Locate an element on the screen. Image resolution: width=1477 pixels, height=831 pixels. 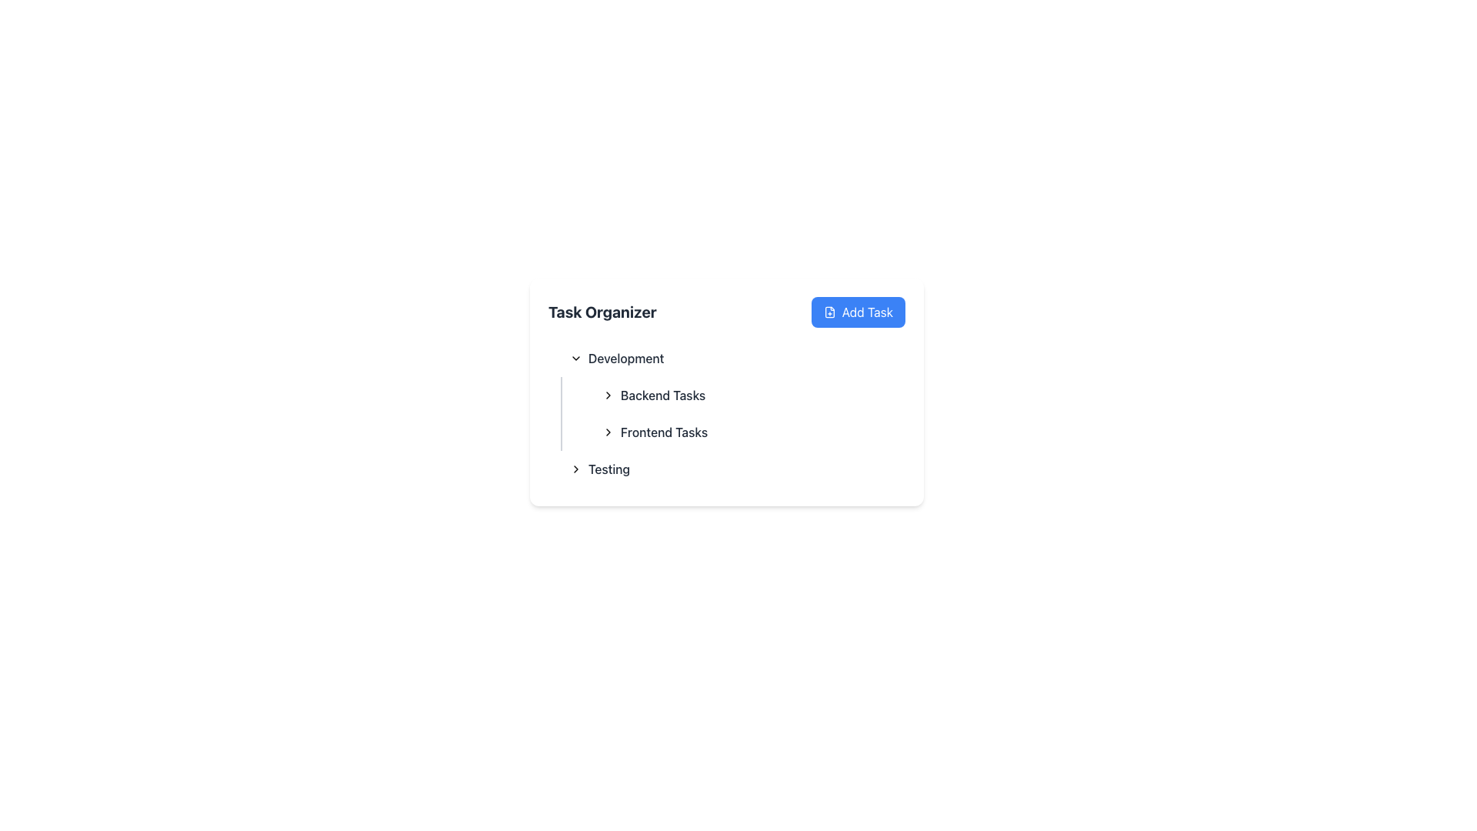
the last entry is located at coordinates (726, 468).